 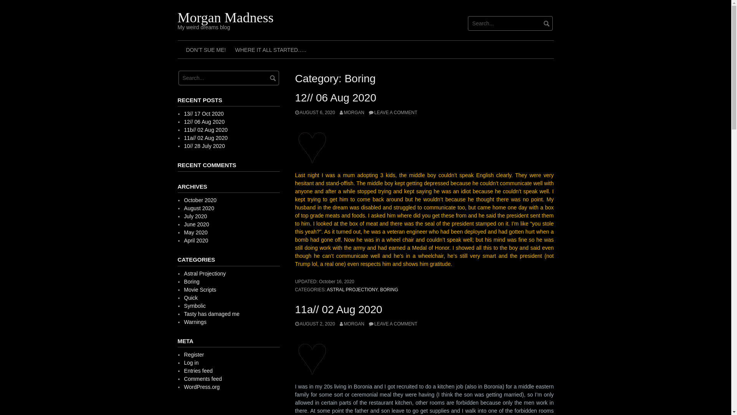 What do you see at coordinates (315, 113) in the screenshot?
I see `'AUGUST 6, 2020'` at bounding box center [315, 113].